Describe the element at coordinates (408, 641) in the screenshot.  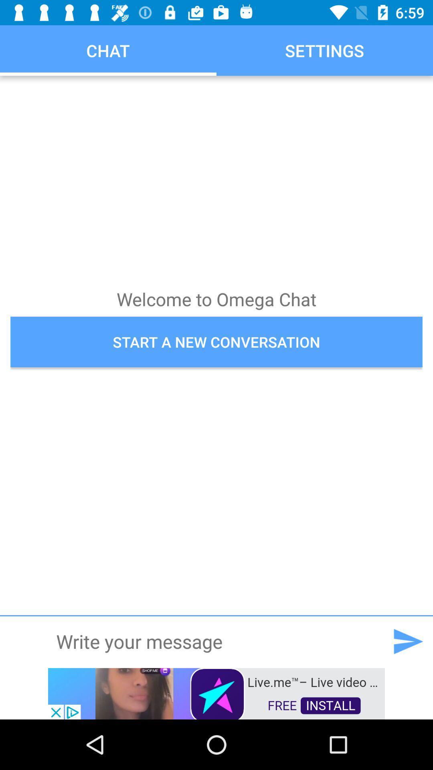
I see `send button` at that location.